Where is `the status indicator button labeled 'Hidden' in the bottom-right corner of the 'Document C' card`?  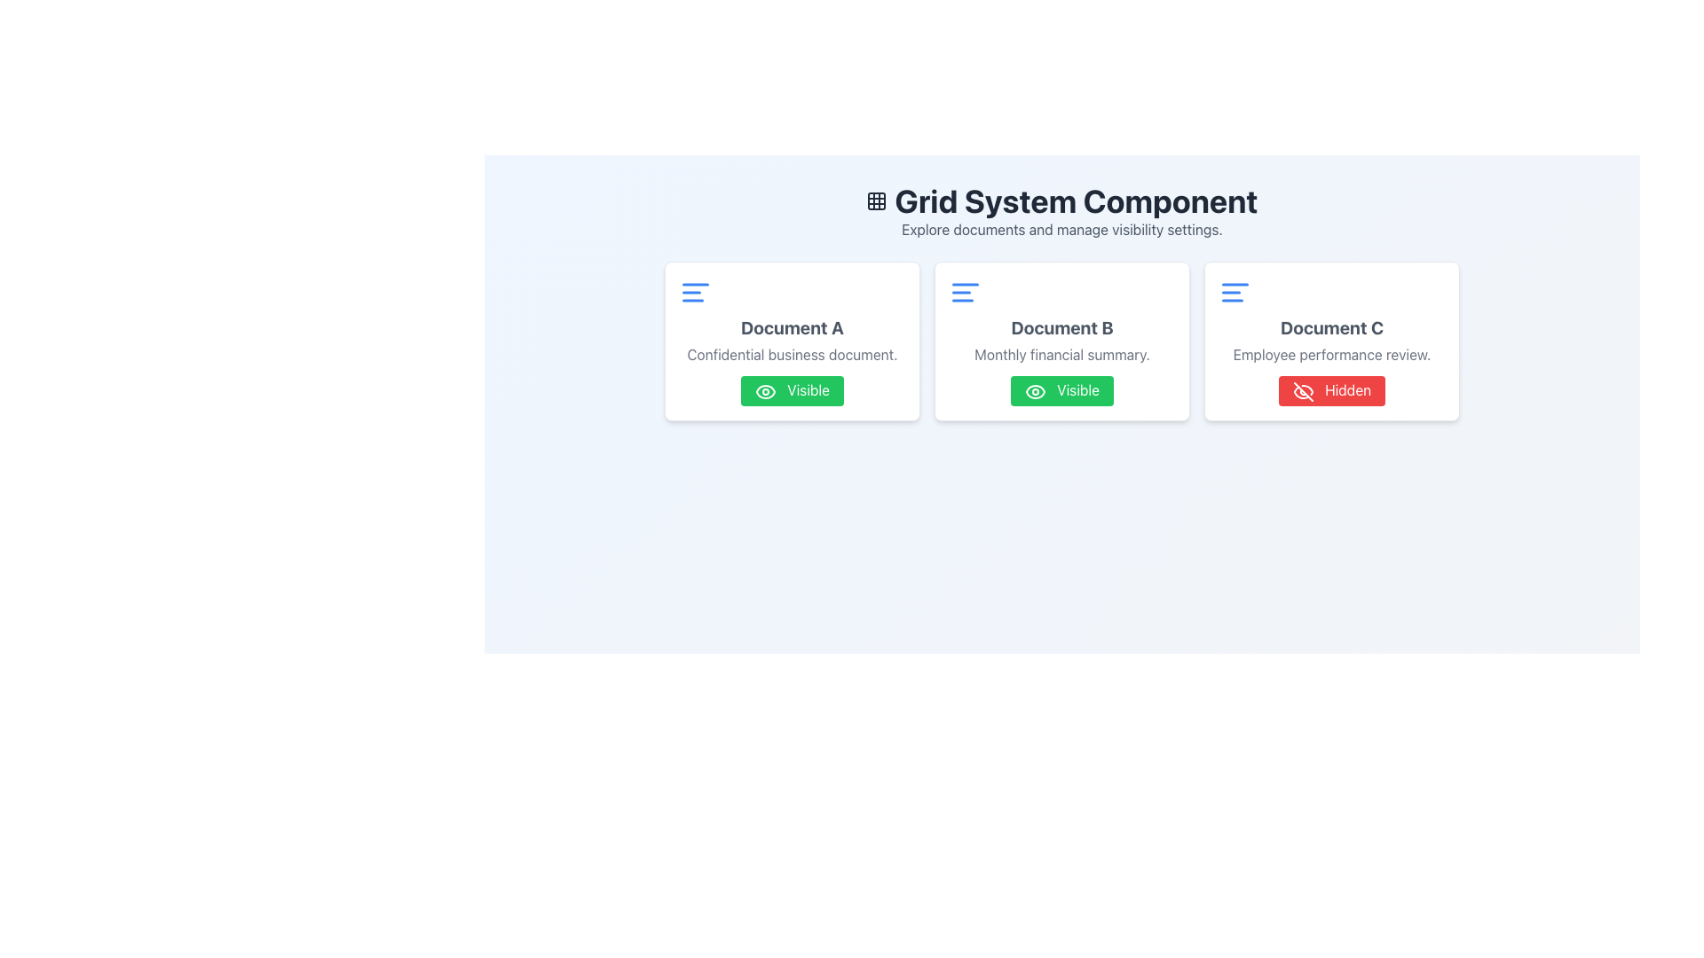 the status indicator button labeled 'Hidden' in the bottom-right corner of the 'Document C' card is located at coordinates (1332, 389).